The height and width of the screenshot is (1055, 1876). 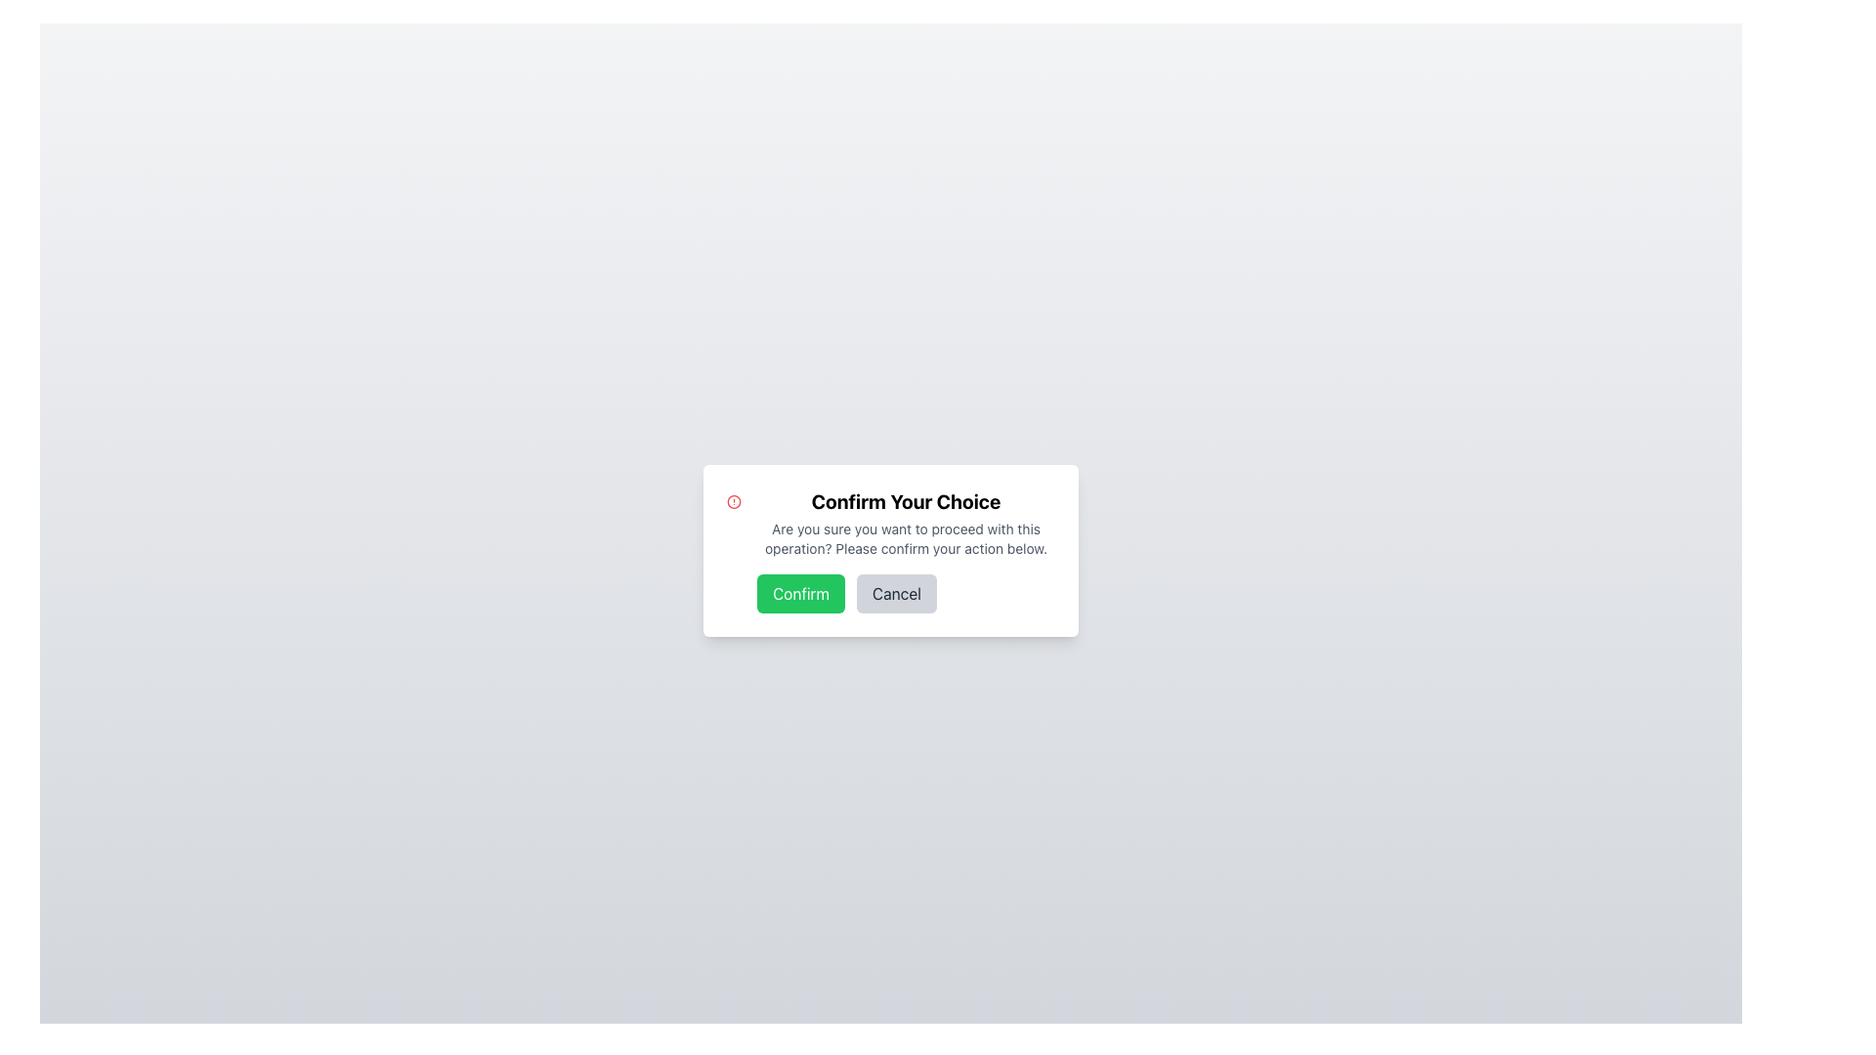 What do you see at coordinates (905, 538) in the screenshot?
I see `text from the paragraph styled in smaller font and subtle gray color, located below the bold heading 'Confirm Your Choice' in the confirmation dialog` at bounding box center [905, 538].